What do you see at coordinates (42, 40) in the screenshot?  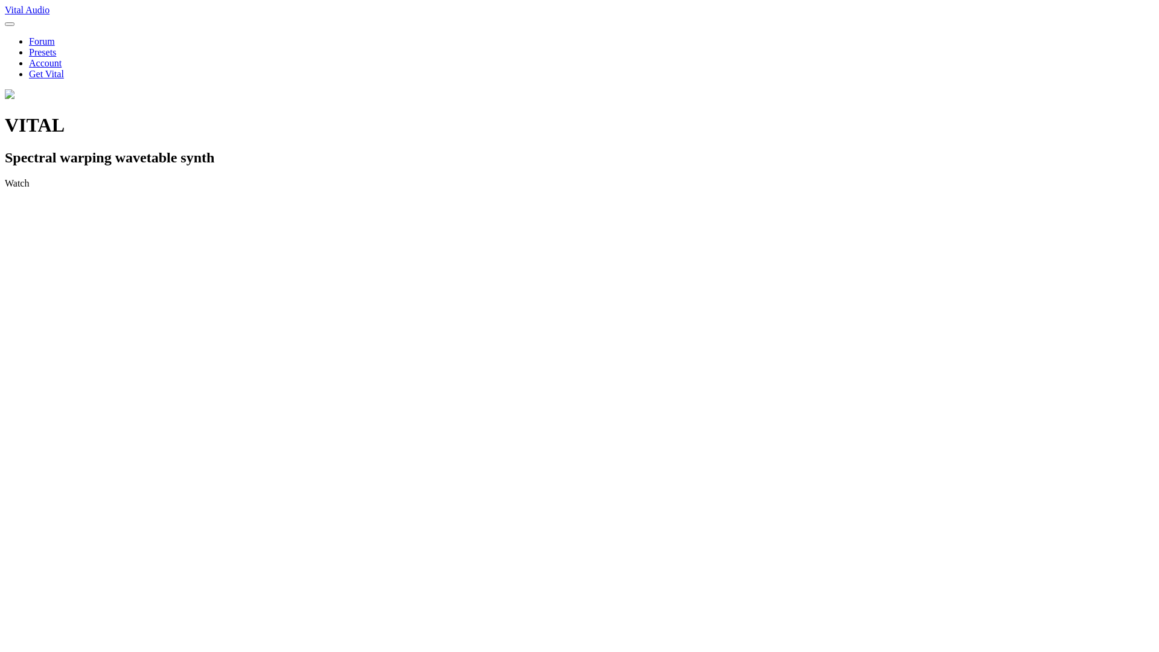 I see `'Forum'` at bounding box center [42, 40].